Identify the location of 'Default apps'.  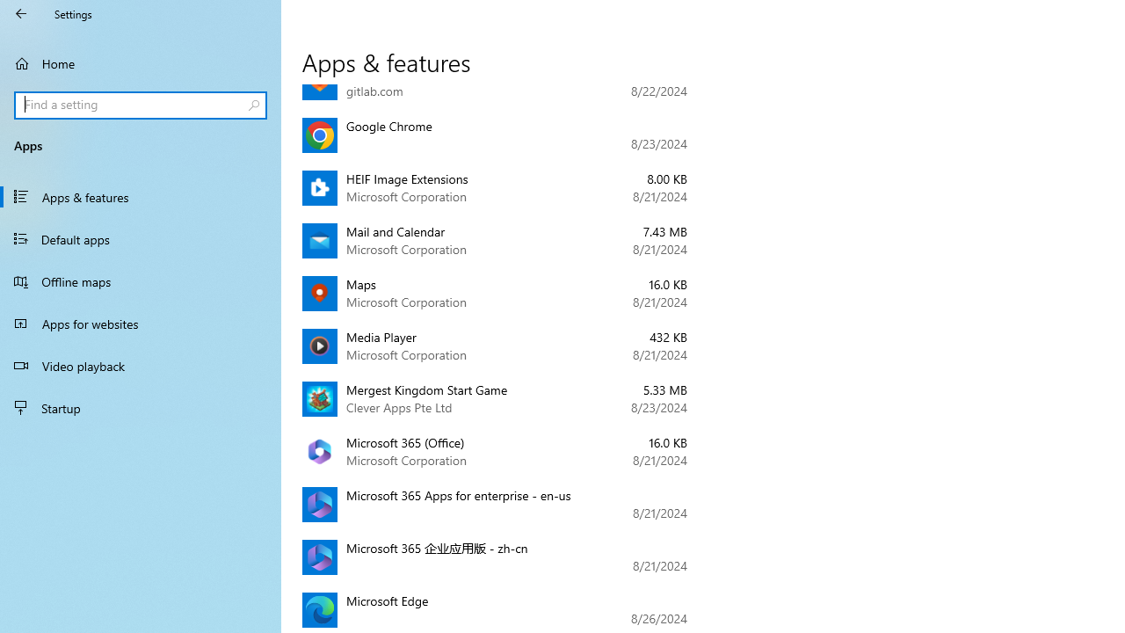
(141, 238).